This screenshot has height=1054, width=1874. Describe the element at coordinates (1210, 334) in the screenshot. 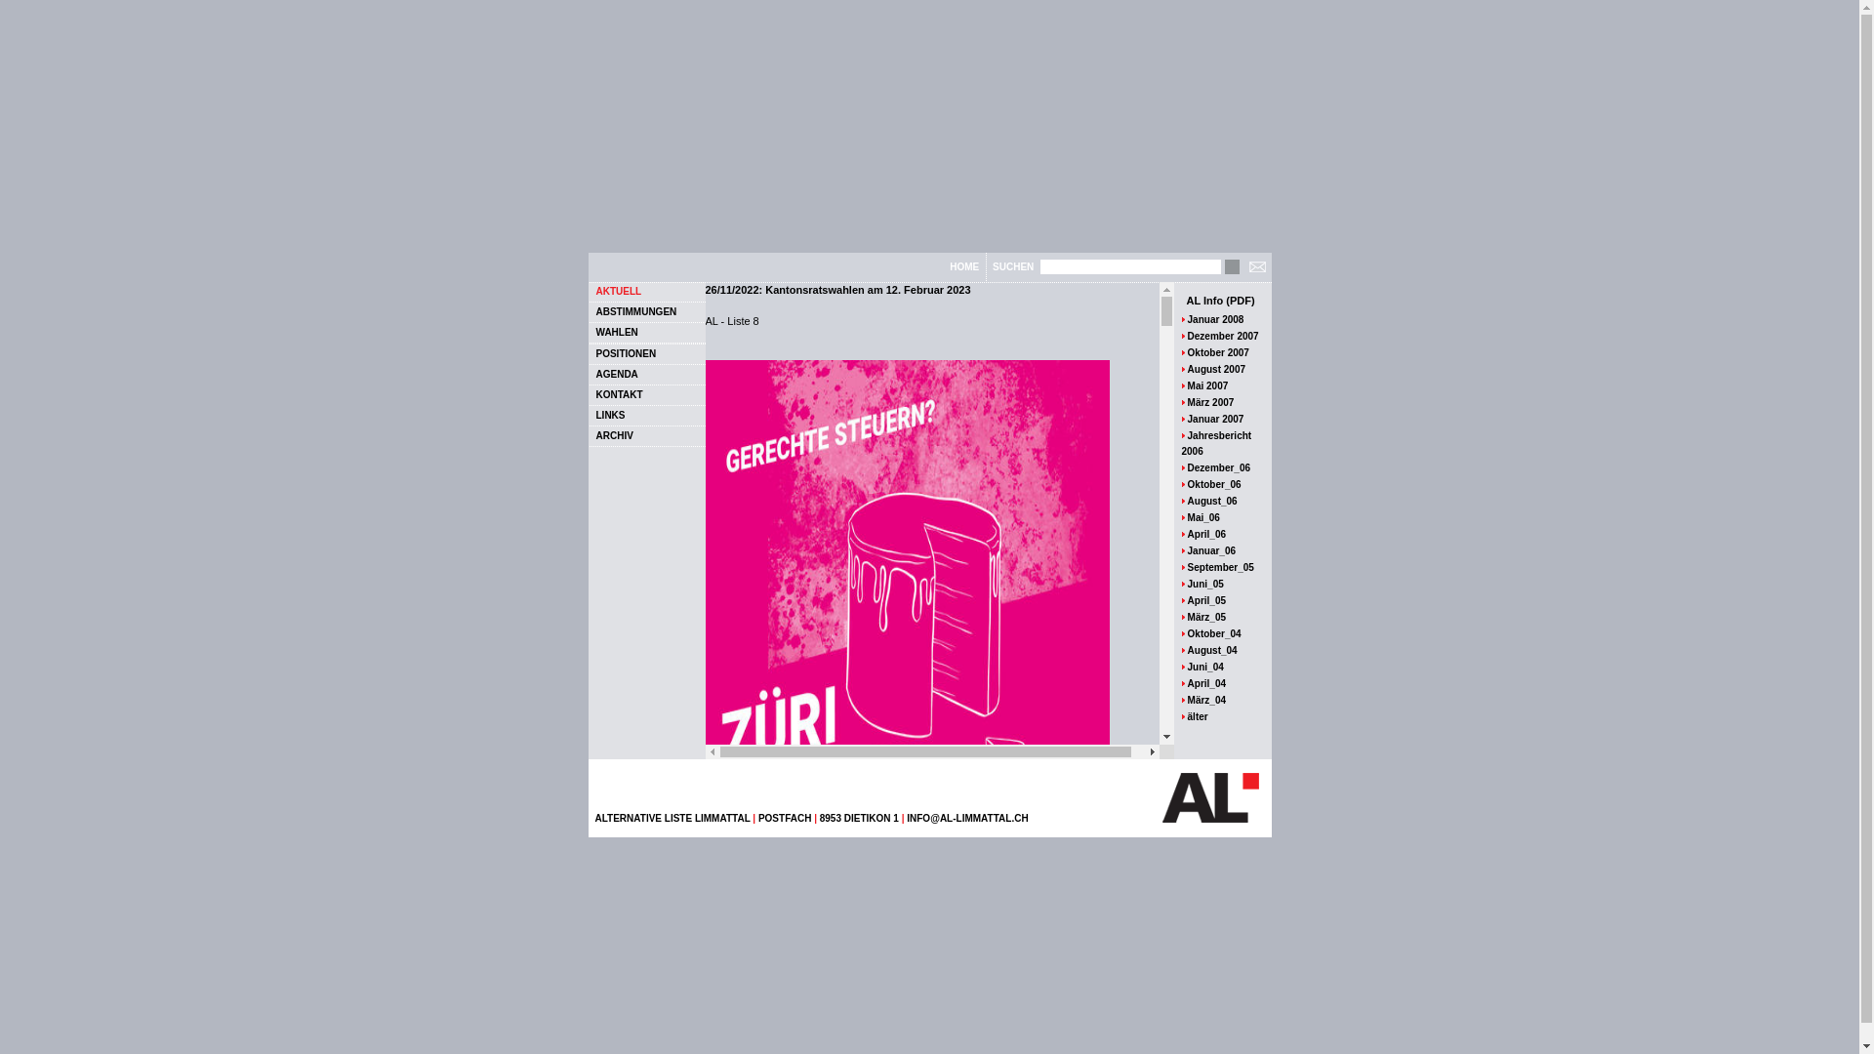

I see `'Dezember'` at that location.